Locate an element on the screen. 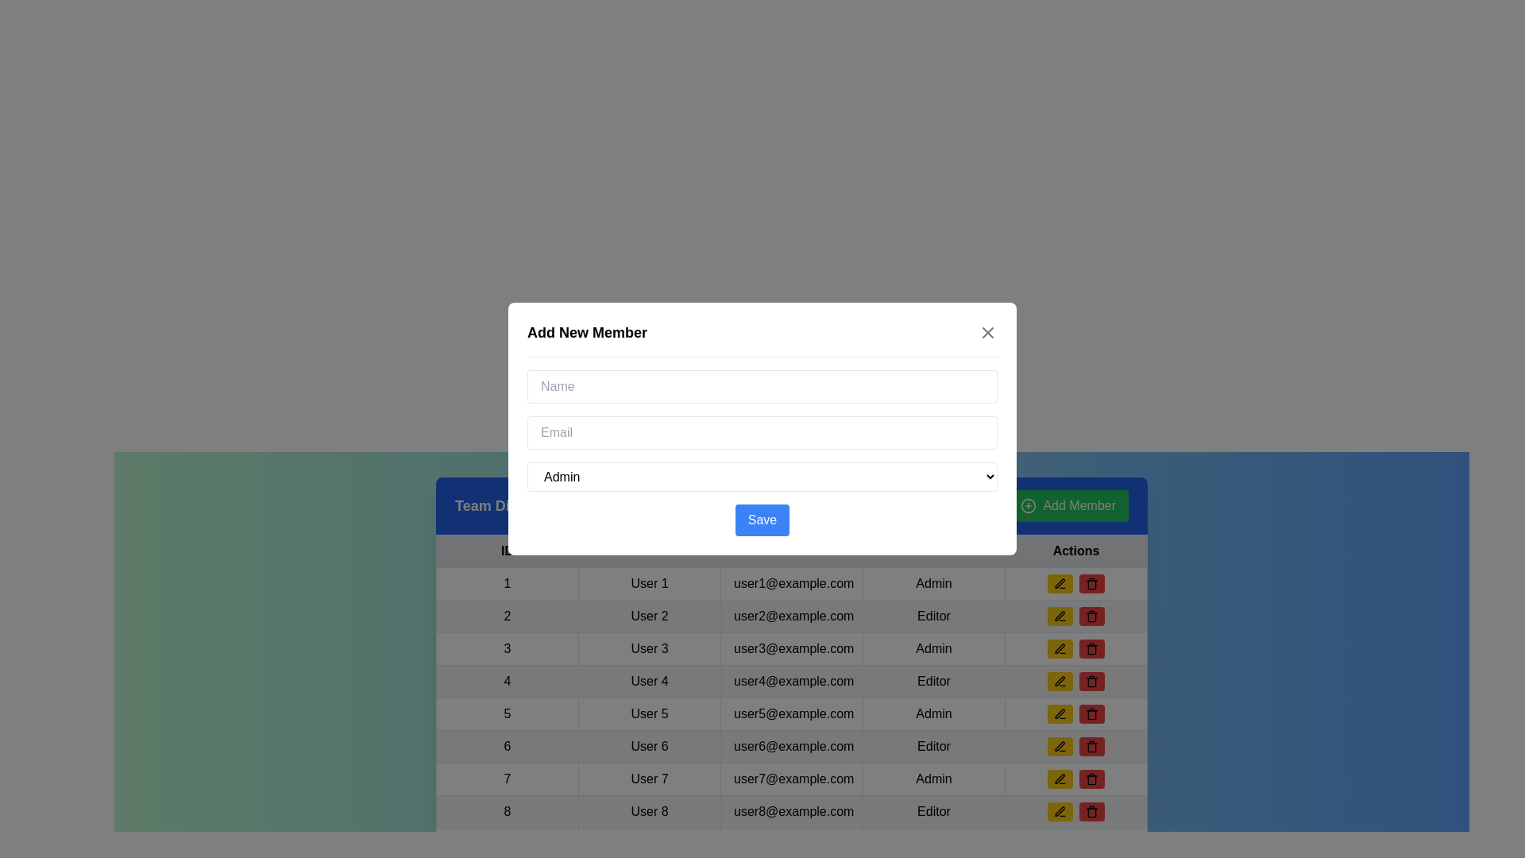 The height and width of the screenshot is (858, 1525). text content of the 'Admin' role label located in the fourth cell of the user data management table row is located at coordinates (934, 713).